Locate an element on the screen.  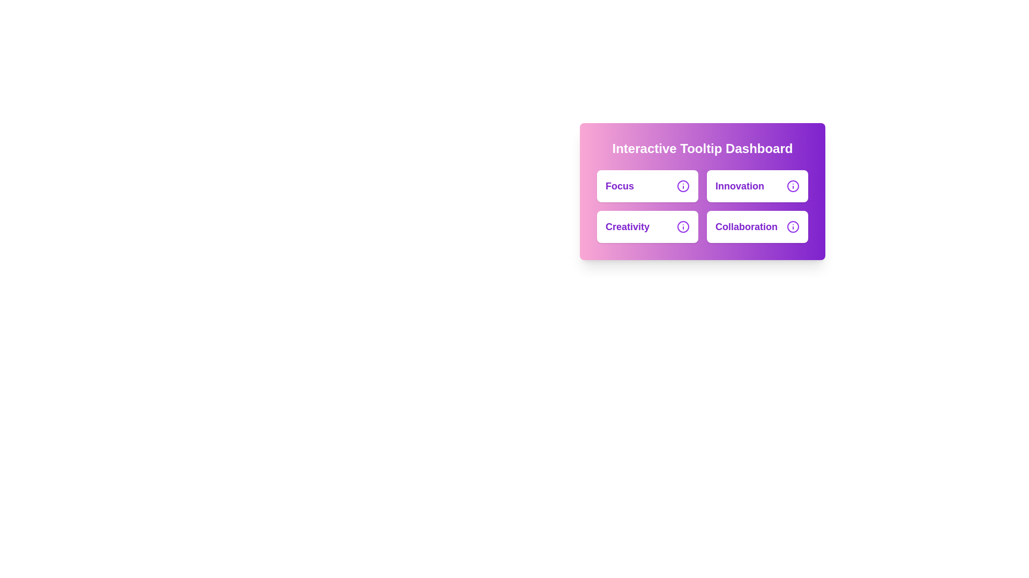
the 'Creativity' text on the card with a white background and purple text located in the bottom-left quadrant of the grid to focus on it is located at coordinates (647, 226).